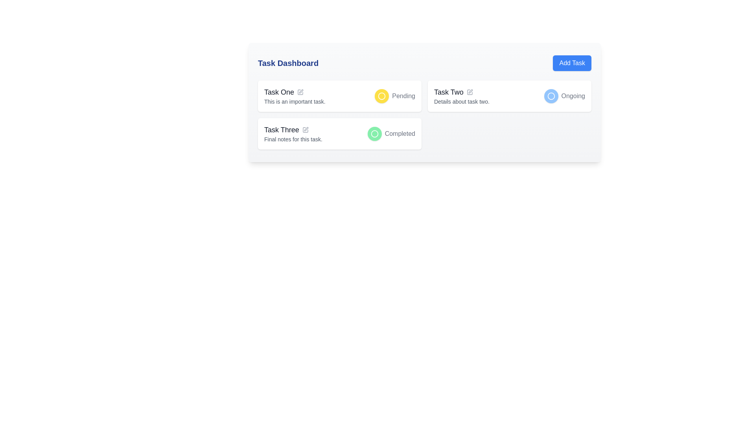 This screenshot has width=755, height=424. I want to click on the edit icon SVG element located next to the text 'Task Two' in the top-right corner of its card, which indicates that the task is editable, so click(470, 91).